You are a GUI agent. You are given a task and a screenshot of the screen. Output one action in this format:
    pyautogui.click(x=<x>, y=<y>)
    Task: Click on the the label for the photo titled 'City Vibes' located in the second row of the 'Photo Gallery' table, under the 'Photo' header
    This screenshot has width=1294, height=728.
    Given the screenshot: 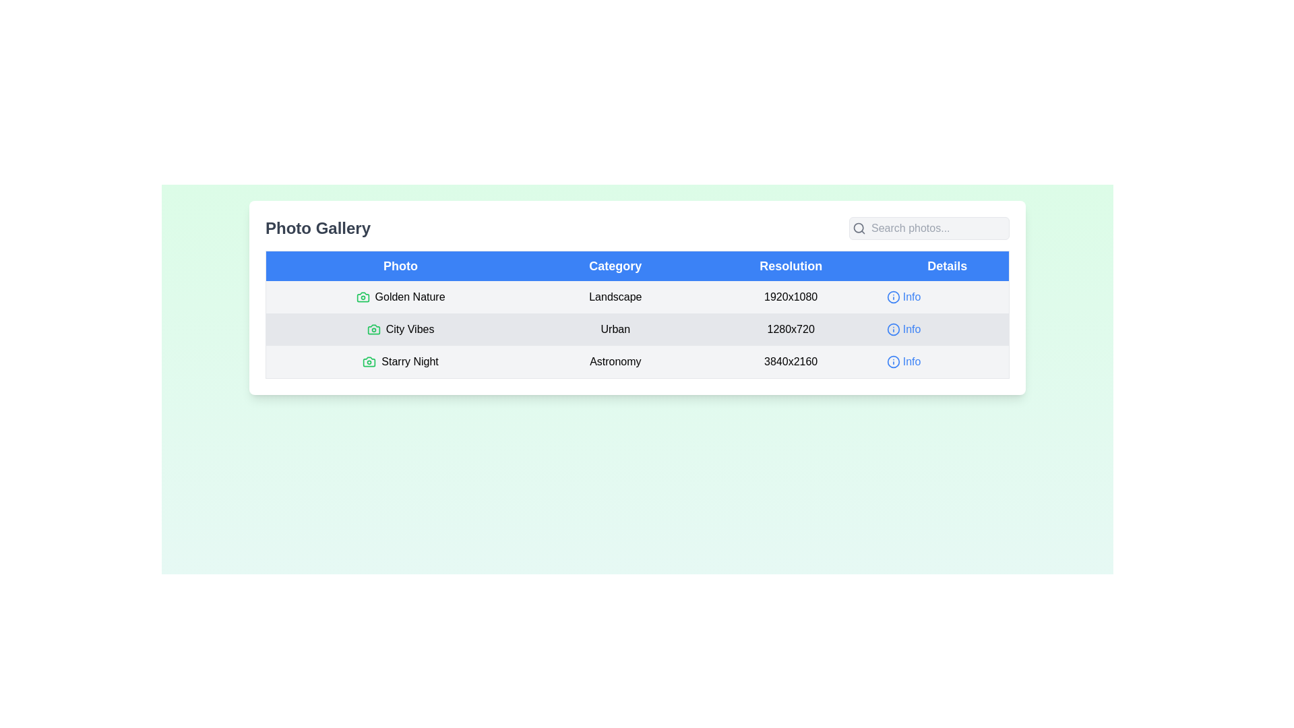 What is the action you would take?
    pyautogui.click(x=400, y=330)
    